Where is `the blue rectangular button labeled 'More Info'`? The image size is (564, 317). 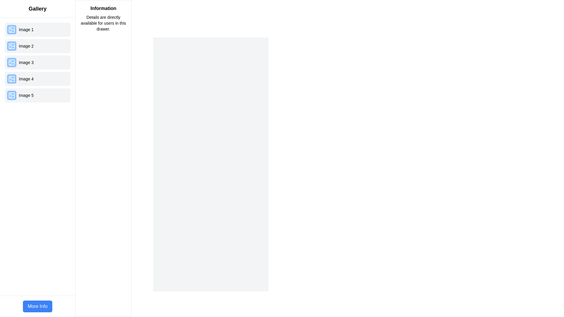 the blue rectangular button labeled 'More Info' is located at coordinates (37, 306).